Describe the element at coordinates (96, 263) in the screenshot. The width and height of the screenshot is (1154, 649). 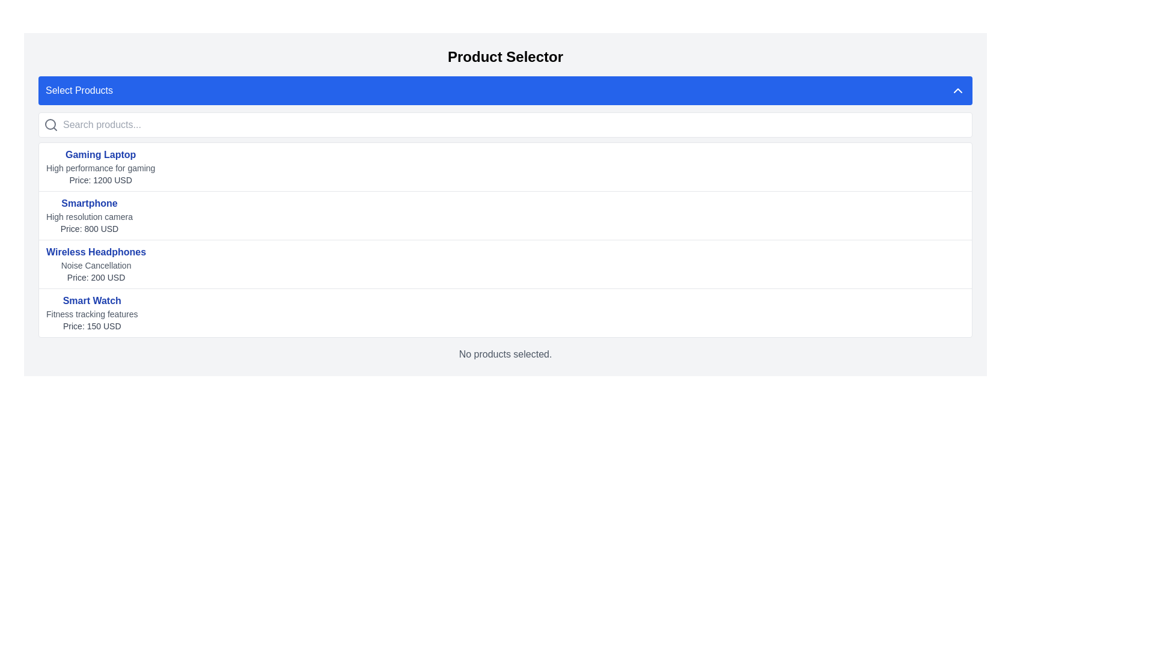
I see `the list item displaying 'Wireless Headphones' with rich text content, which includes 'Noise Cancellation' and 'Price: 200 USD'` at that location.